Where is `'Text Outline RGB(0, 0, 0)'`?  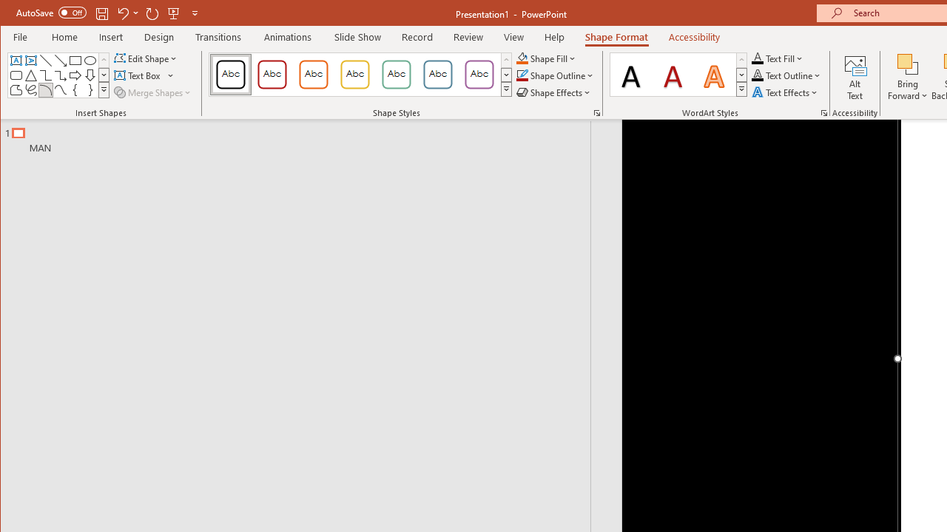
'Text Outline RGB(0, 0, 0)' is located at coordinates (758, 75).